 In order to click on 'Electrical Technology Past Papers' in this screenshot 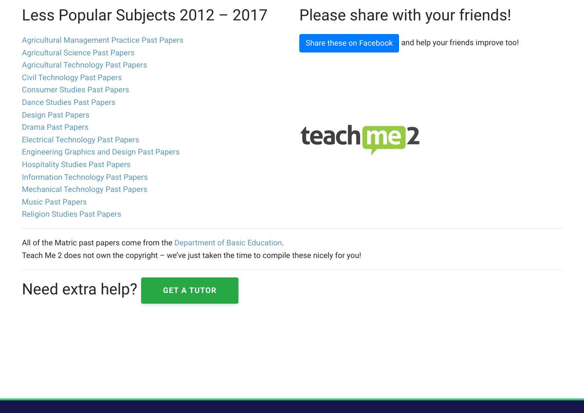, I will do `click(22, 138)`.